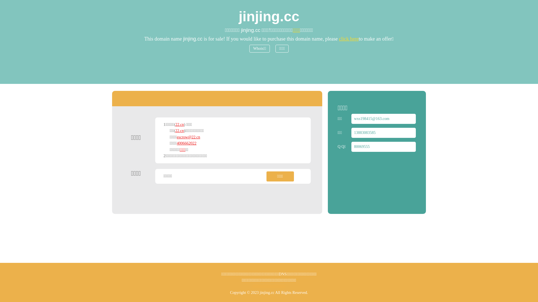 The width and height of the screenshot is (538, 302). What do you see at coordinates (187, 143) in the screenshot?
I see `'4006662022'` at bounding box center [187, 143].